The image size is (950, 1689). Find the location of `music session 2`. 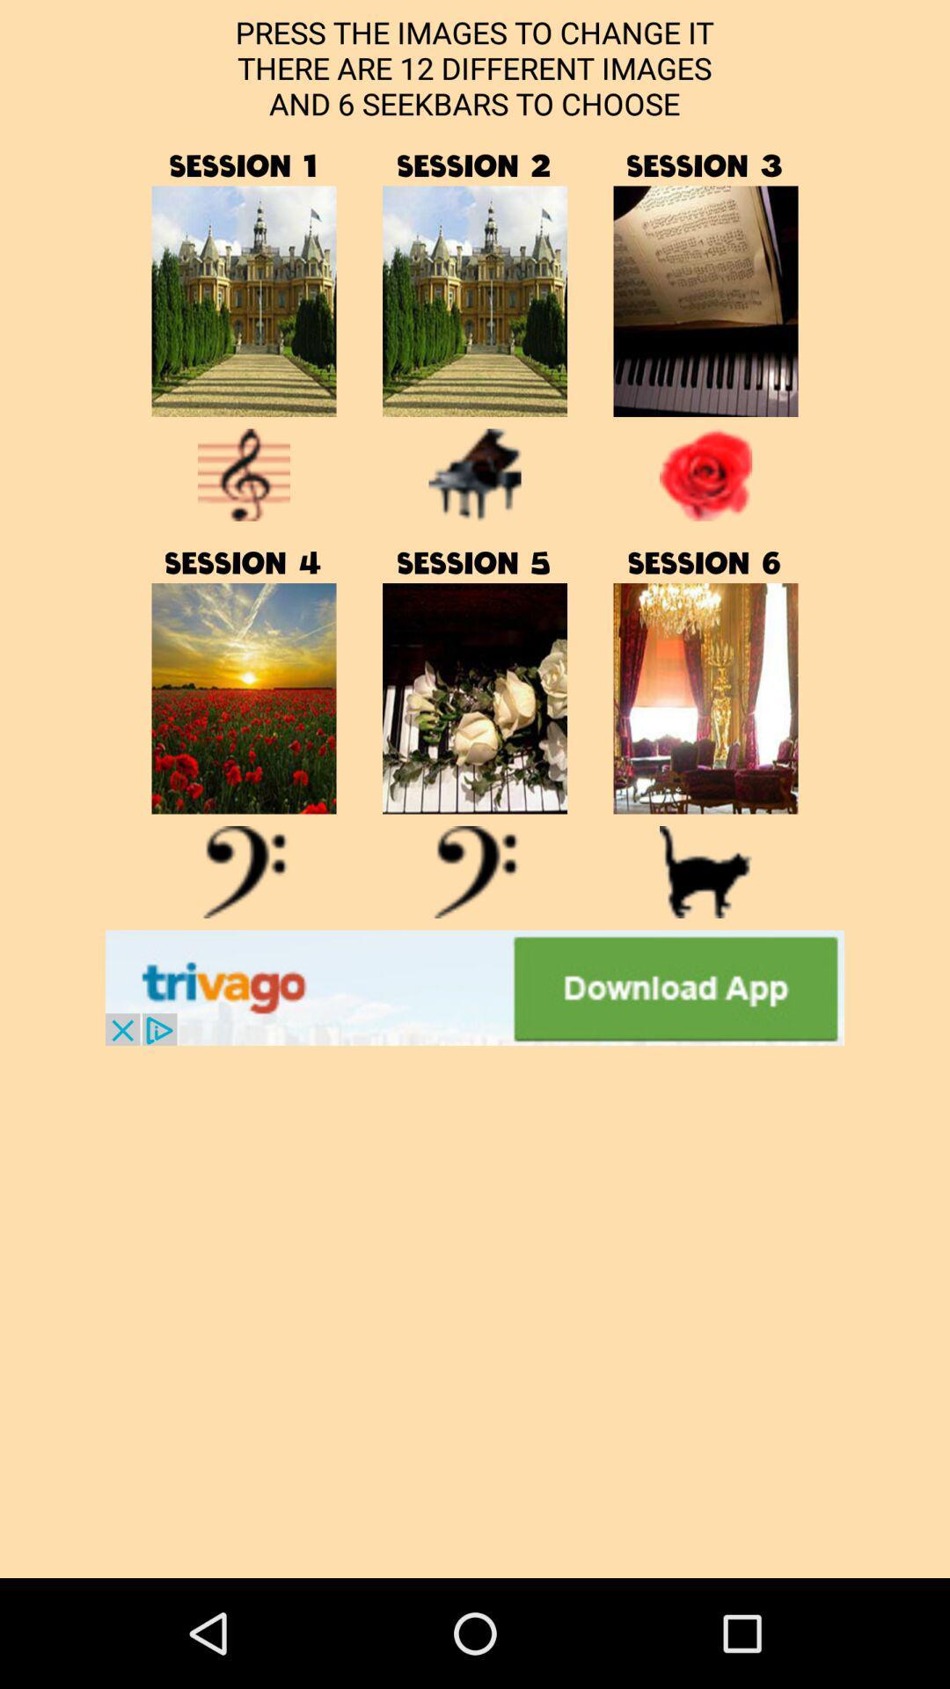

music session 2 is located at coordinates (475, 301).